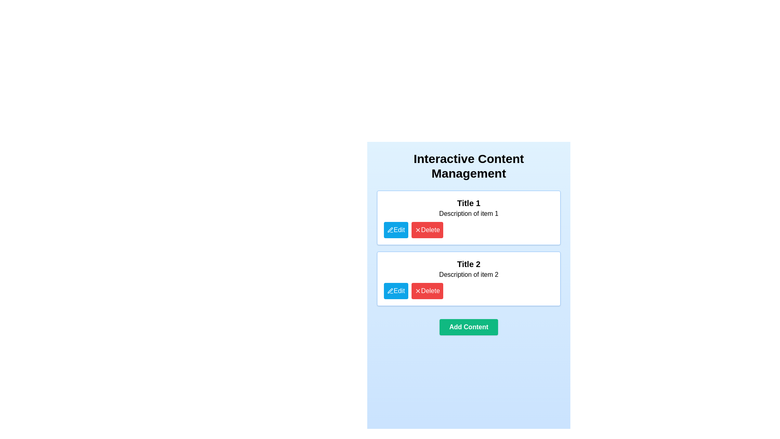  What do you see at coordinates (390, 230) in the screenshot?
I see `the decorative SVG icon styled as a pen or pencil located inside the 'Edit' button adjacent to the 'Delete' button in the card titled 'Title 1'` at bounding box center [390, 230].